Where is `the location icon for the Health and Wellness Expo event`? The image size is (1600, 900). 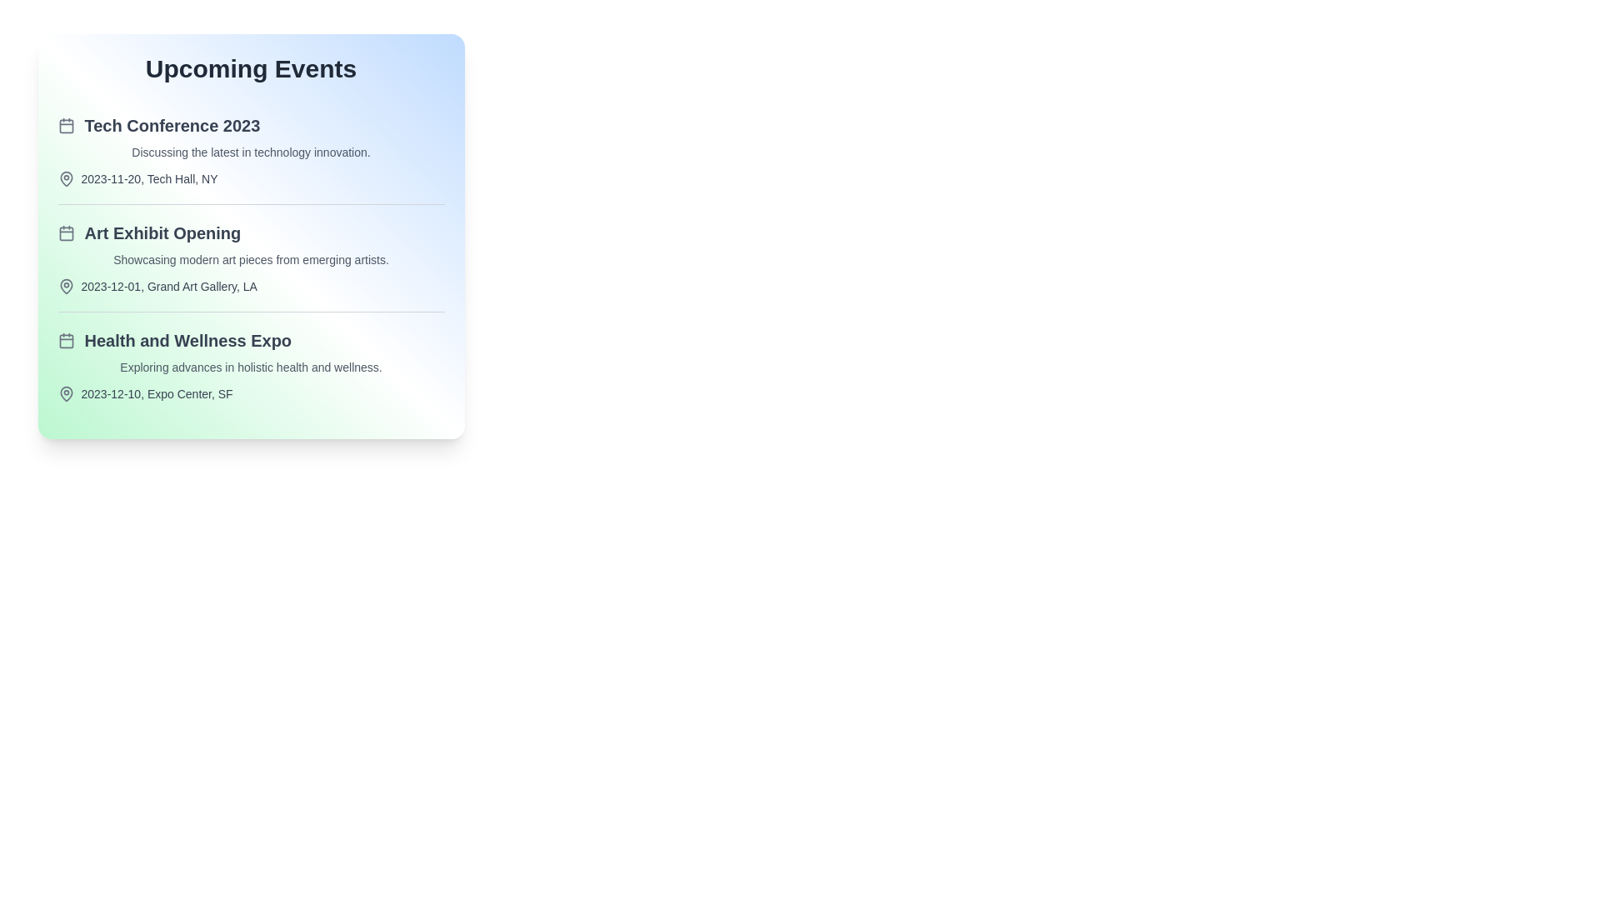
the location icon for the Health and Wellness Expo event is located at coordinates (66, 394).